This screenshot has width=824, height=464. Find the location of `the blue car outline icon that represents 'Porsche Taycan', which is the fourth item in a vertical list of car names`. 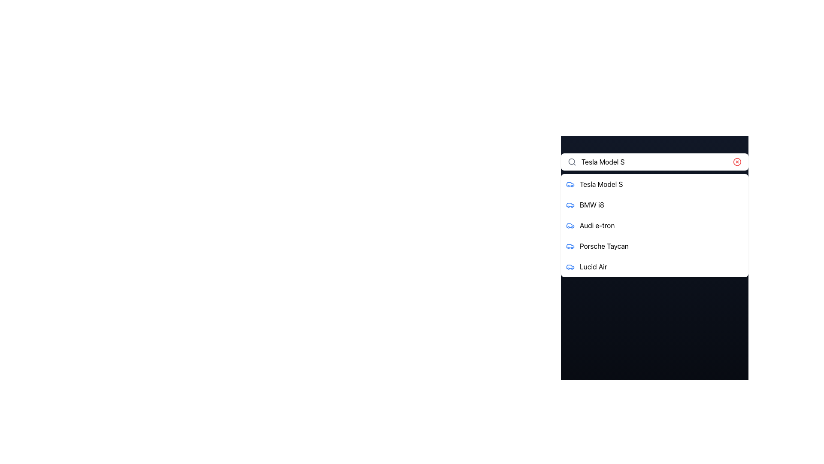

the blue car outline icon that represents 'Porsche Taycan', which is the fourth item in a vertical list of car names is located at coordinates (570, 246).